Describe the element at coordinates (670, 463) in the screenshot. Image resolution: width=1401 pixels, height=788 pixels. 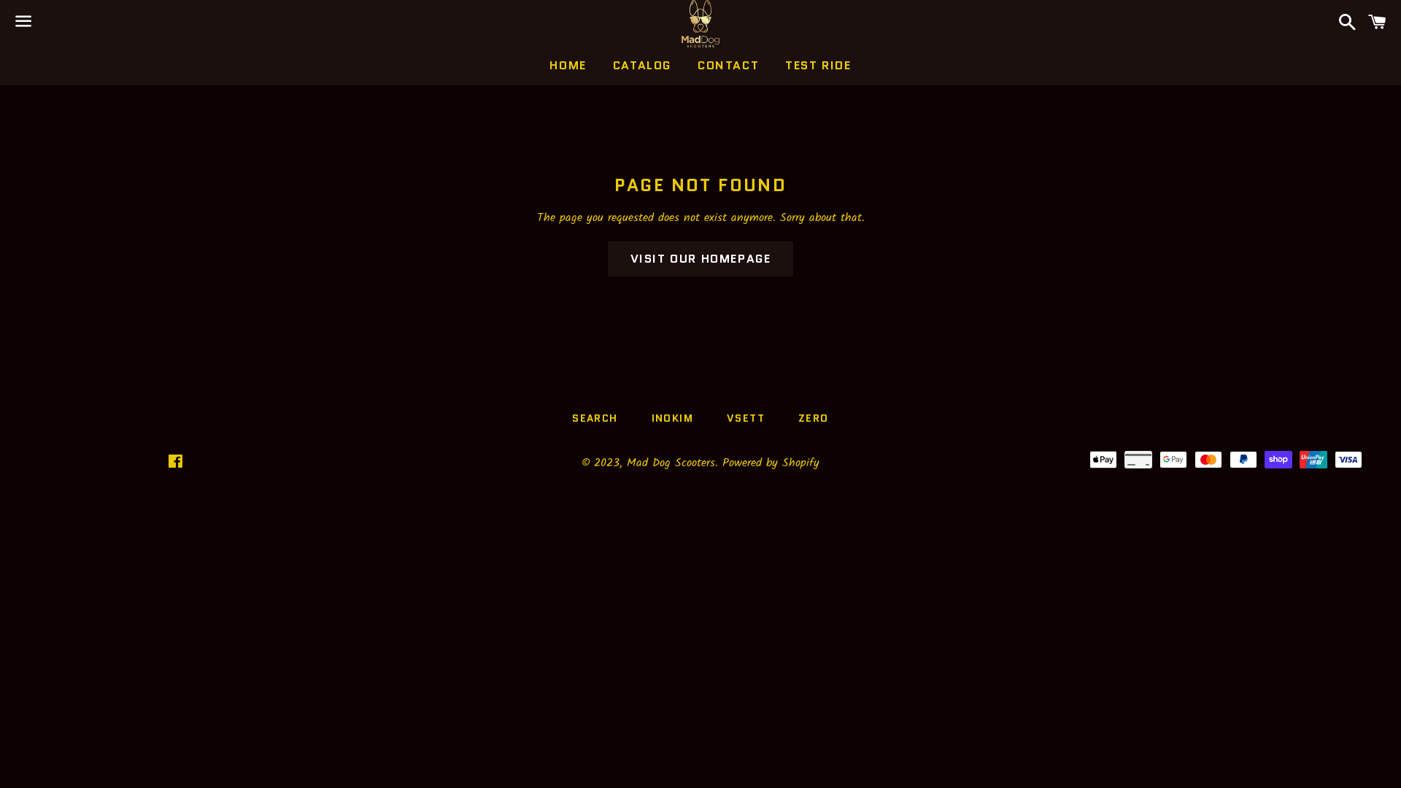
I see `'Mad Dog Scooters'` at that location.